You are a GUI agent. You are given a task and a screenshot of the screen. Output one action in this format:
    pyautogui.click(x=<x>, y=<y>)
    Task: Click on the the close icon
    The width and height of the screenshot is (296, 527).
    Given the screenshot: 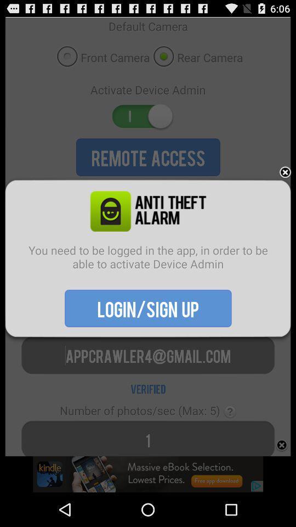 What is the action you would take?
    pyautogui.click(x=285, y=184)
    